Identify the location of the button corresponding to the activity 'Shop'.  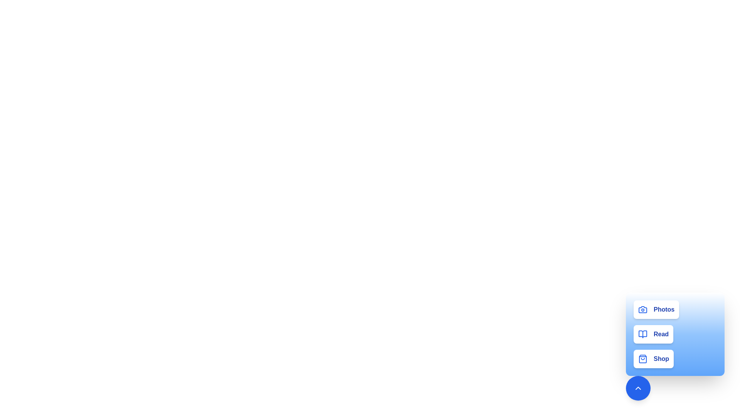
(653, 359).